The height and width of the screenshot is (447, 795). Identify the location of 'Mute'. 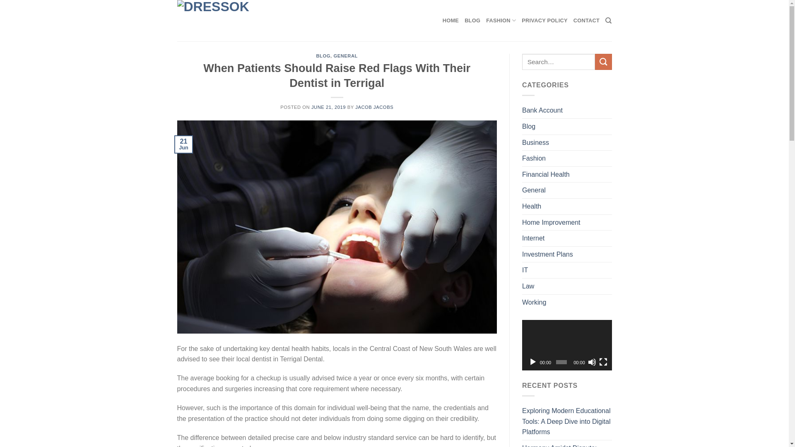
(588, 362).